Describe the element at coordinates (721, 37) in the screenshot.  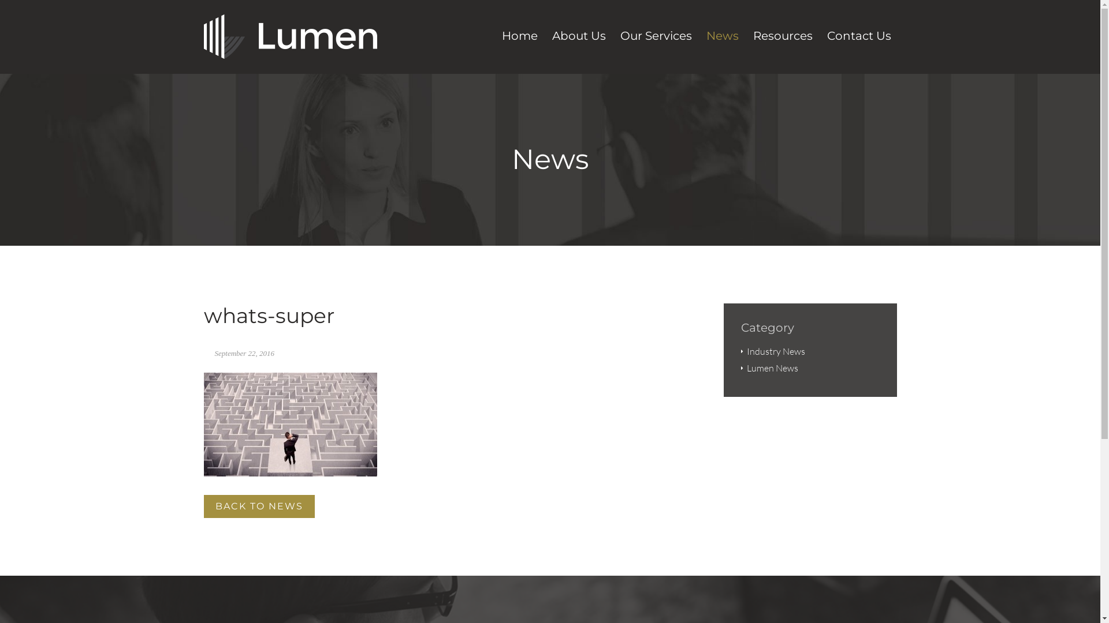
I see `'News'` at that location.